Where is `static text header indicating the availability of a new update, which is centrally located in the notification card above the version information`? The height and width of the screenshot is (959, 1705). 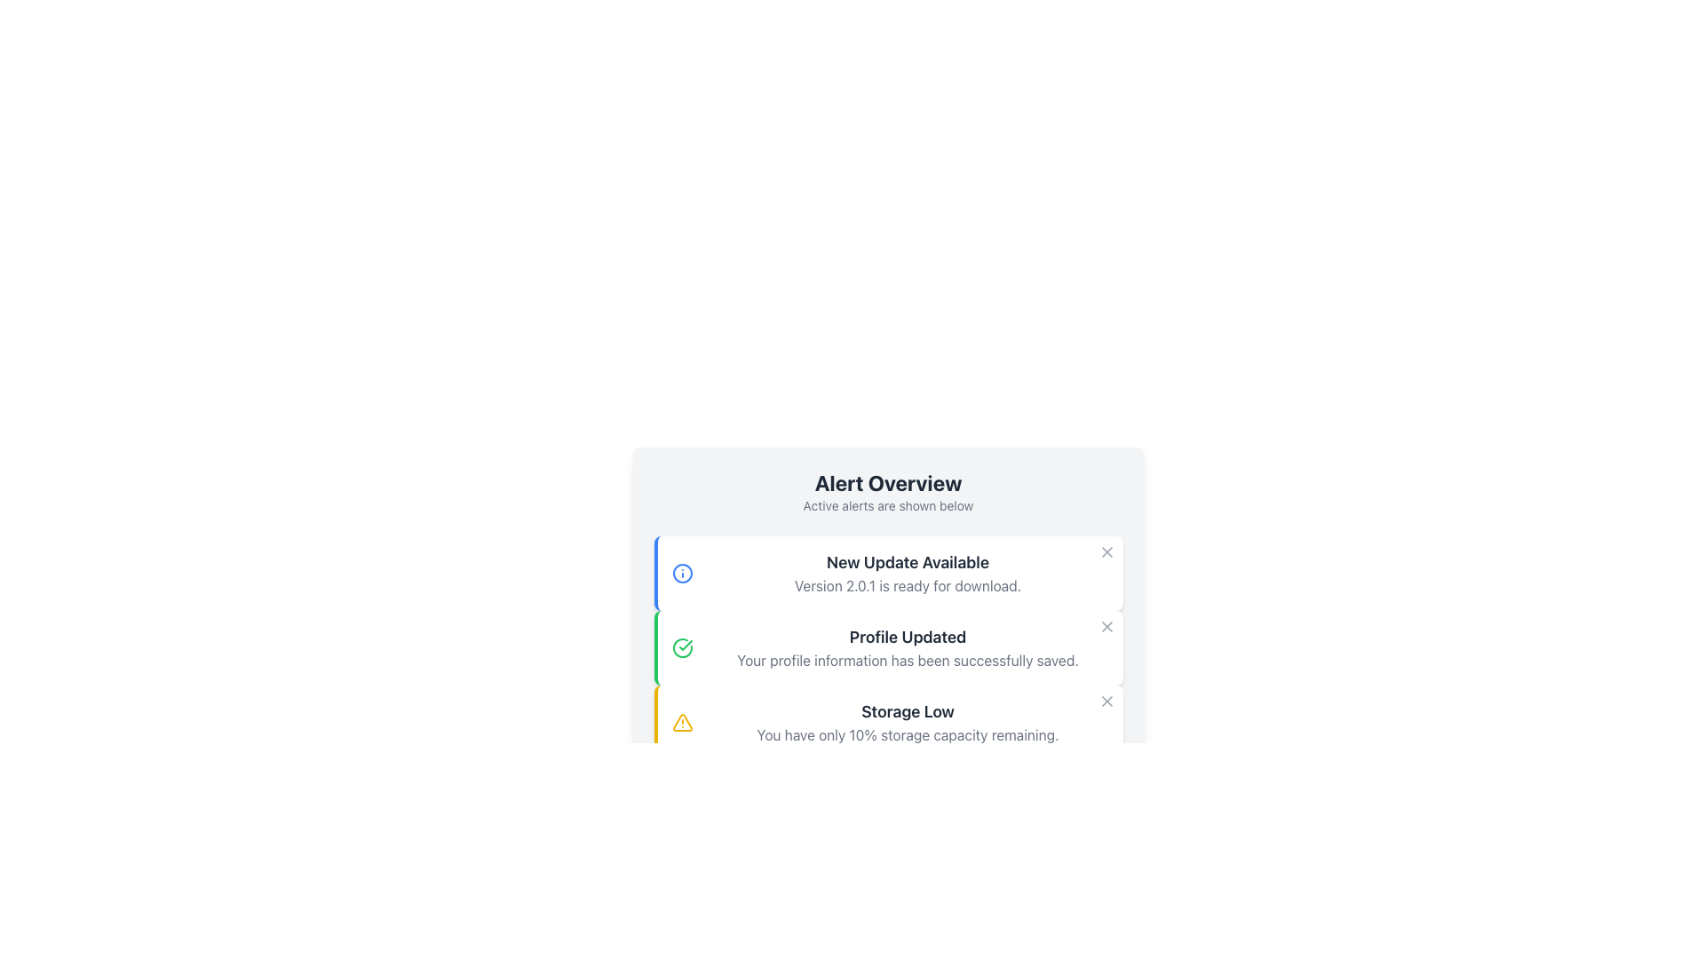
static text header indicating the availability of a new update, which is centrally located in the notification card above the version information is located at coordinates (908, 562).